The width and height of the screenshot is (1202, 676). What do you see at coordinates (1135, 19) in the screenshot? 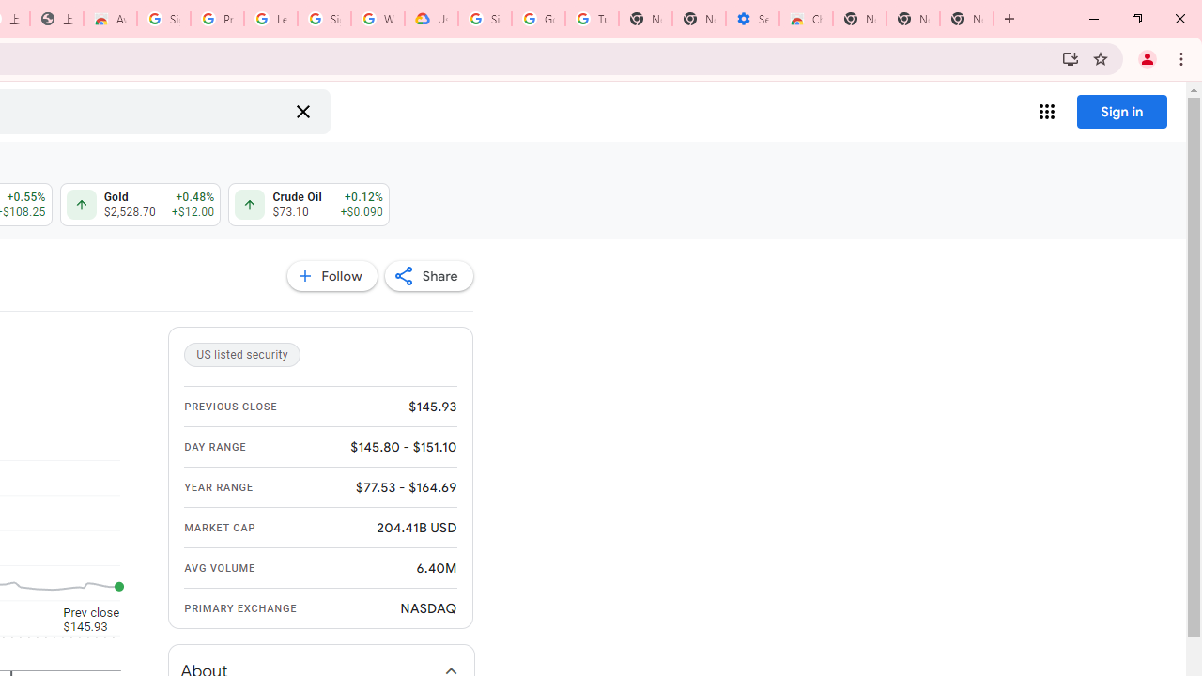
I see `'Restore'` at bounding box center [1135, 19].